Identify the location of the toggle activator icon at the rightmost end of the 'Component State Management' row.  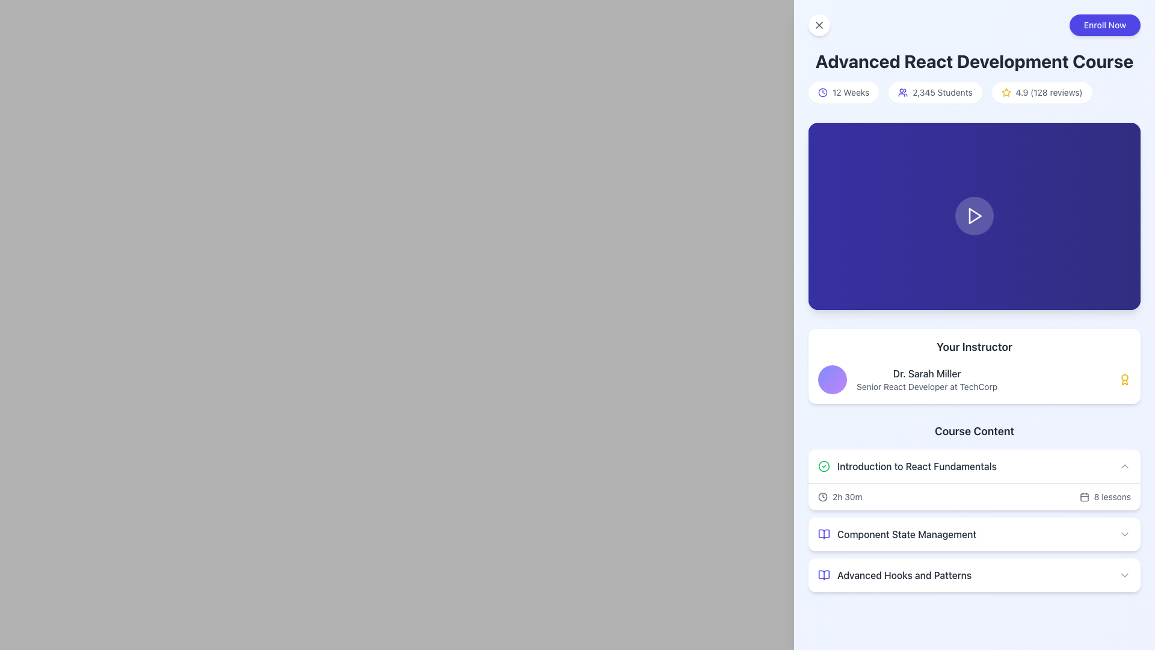
(1124, 533).